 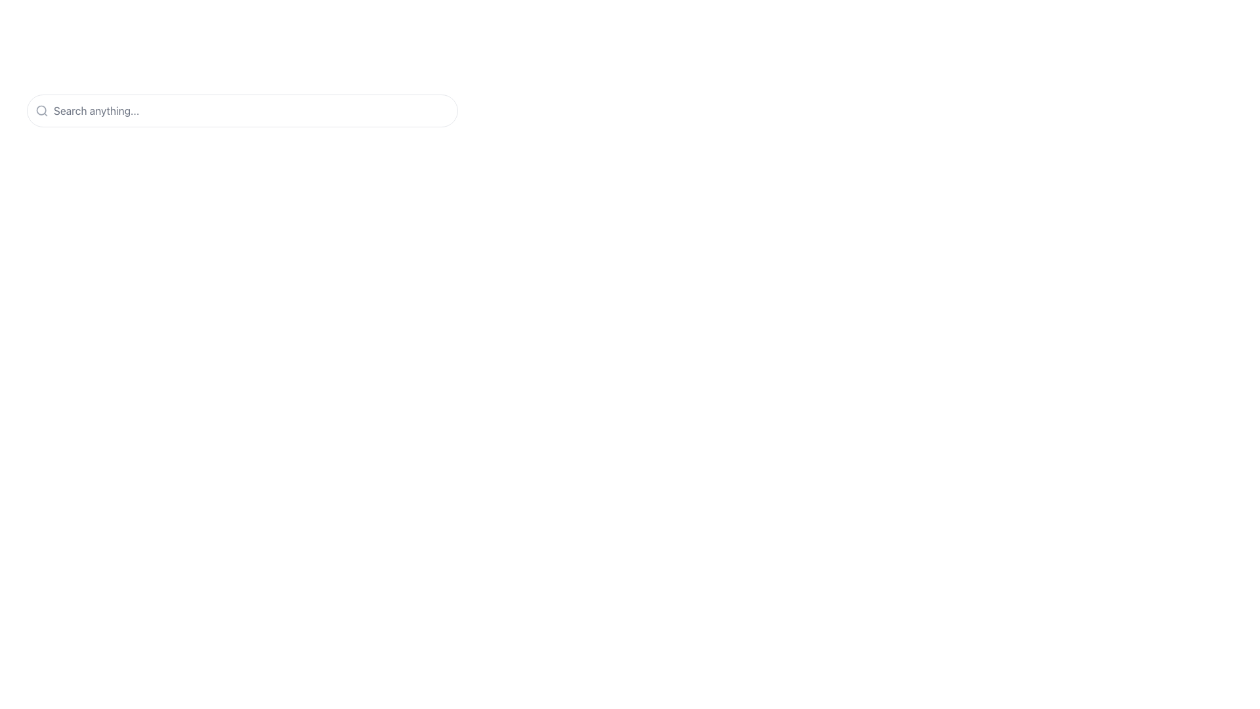 I want to click on the magnifying glass icon located at the leftmost area of the horizontal search input bar, which symbolizes the search functionality, so click(x=41, y=110).